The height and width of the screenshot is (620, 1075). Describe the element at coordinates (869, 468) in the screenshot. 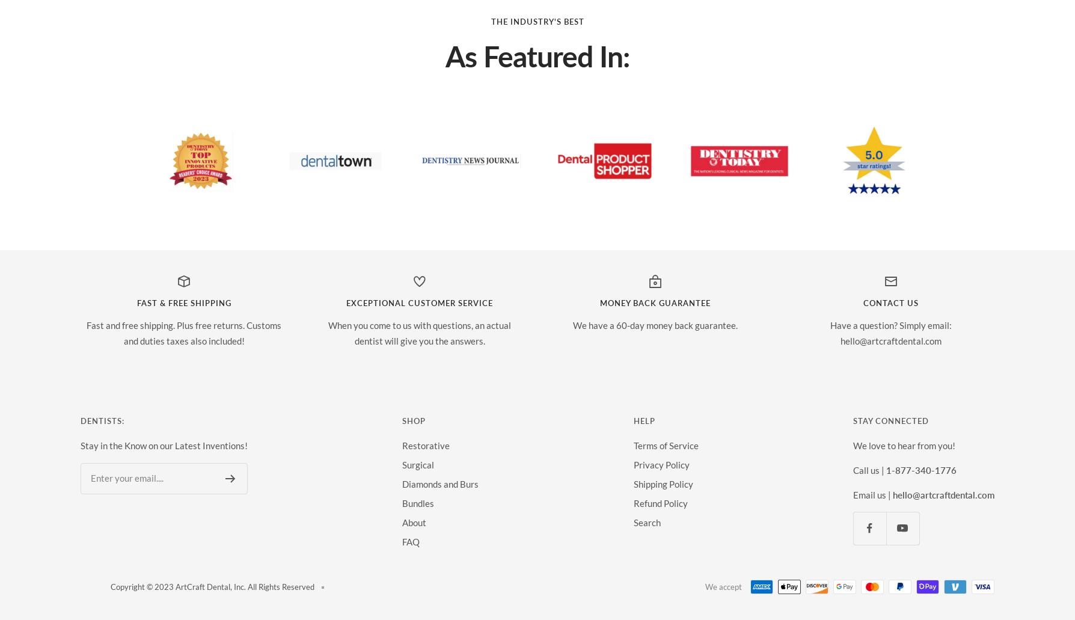

I see `'Call us |'` at that location.